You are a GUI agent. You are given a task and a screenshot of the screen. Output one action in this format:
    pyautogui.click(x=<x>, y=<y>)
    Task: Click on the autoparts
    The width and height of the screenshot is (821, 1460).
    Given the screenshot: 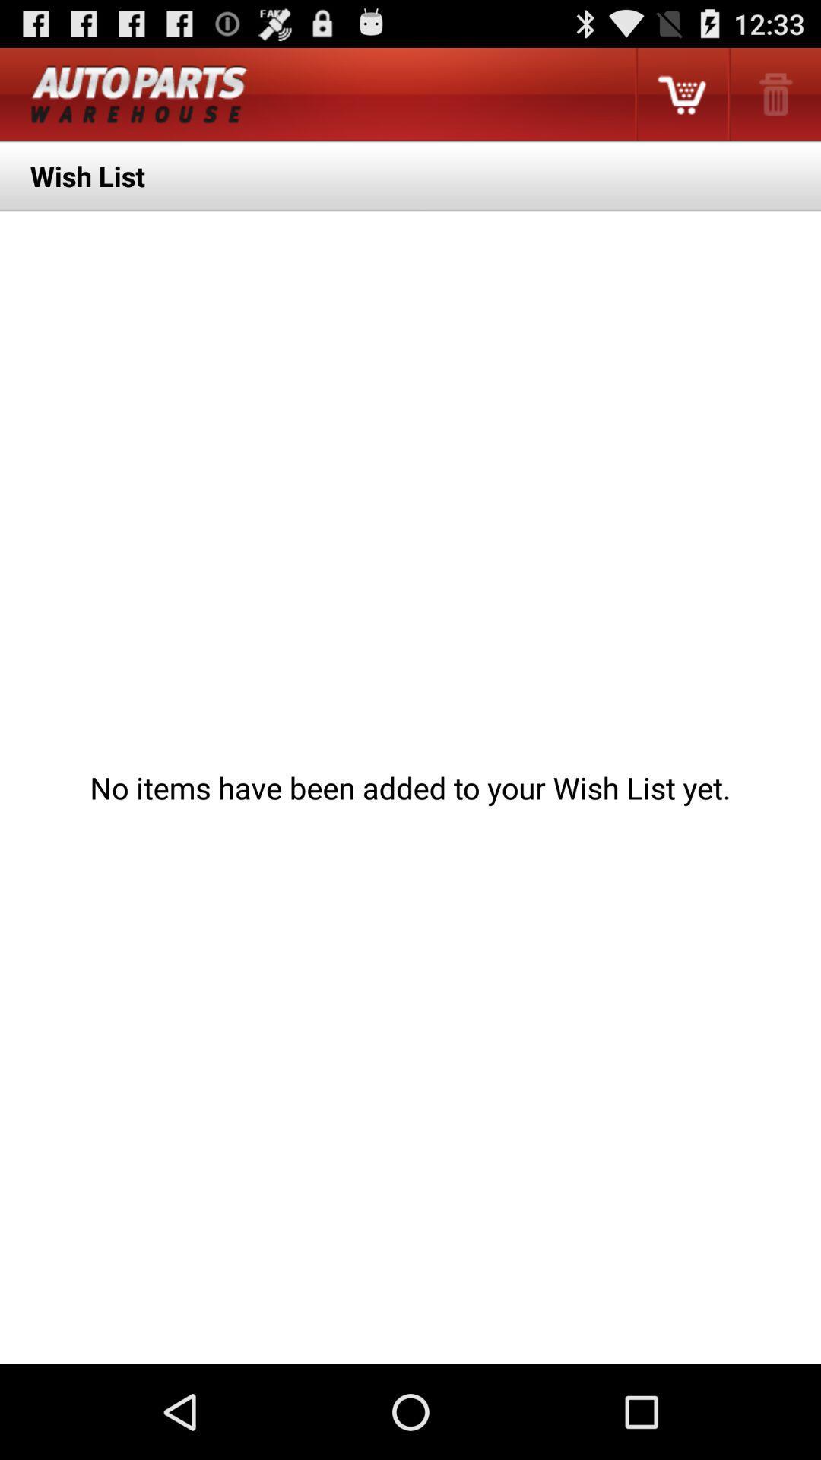 What is the action you would take?
    pyautogui.click(x=139, y=94)
    